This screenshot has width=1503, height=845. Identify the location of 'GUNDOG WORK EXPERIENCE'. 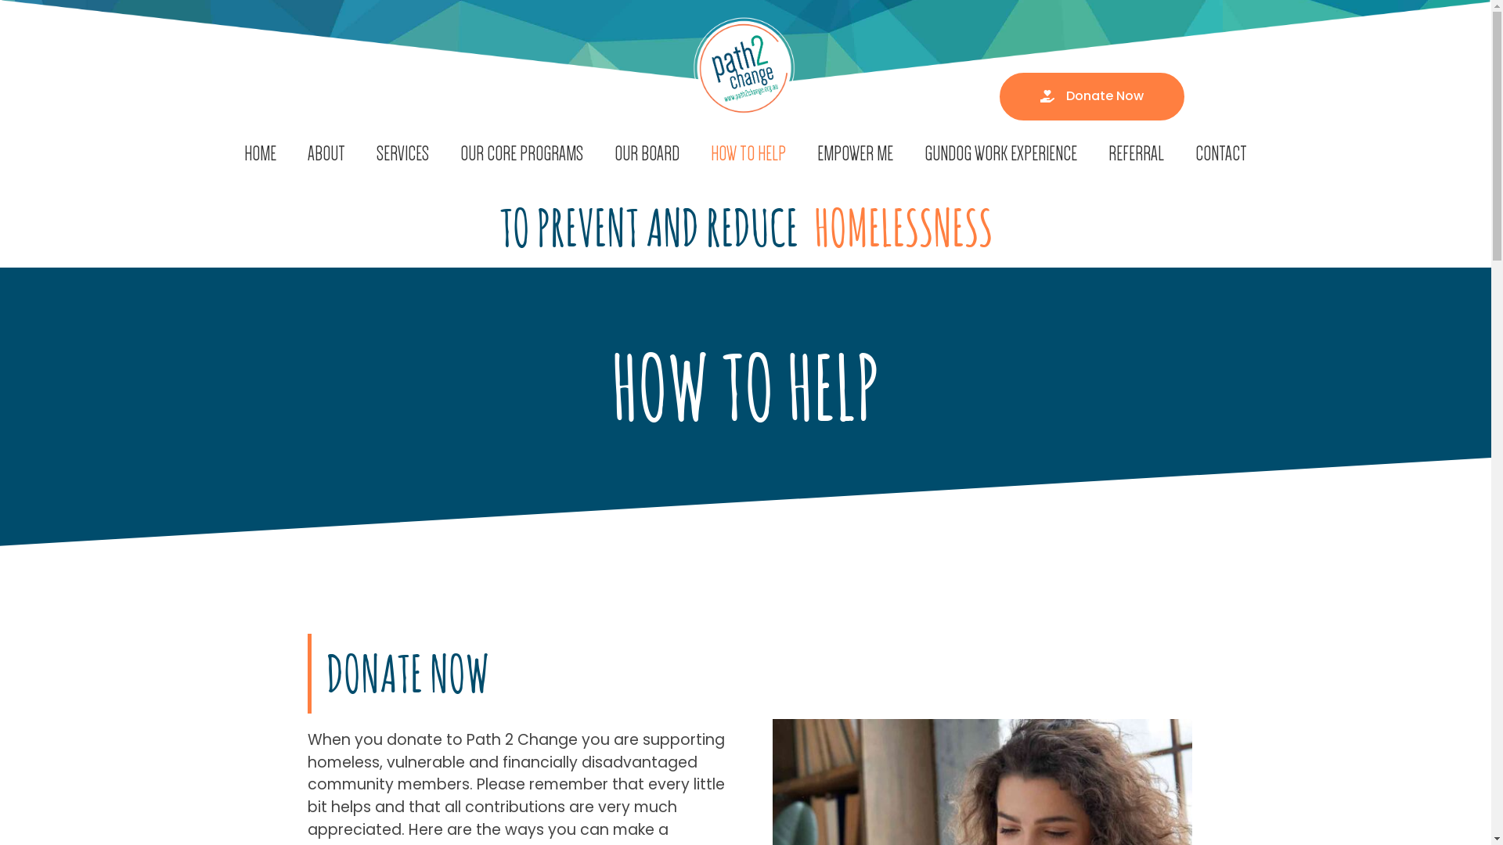
(1000, 153).